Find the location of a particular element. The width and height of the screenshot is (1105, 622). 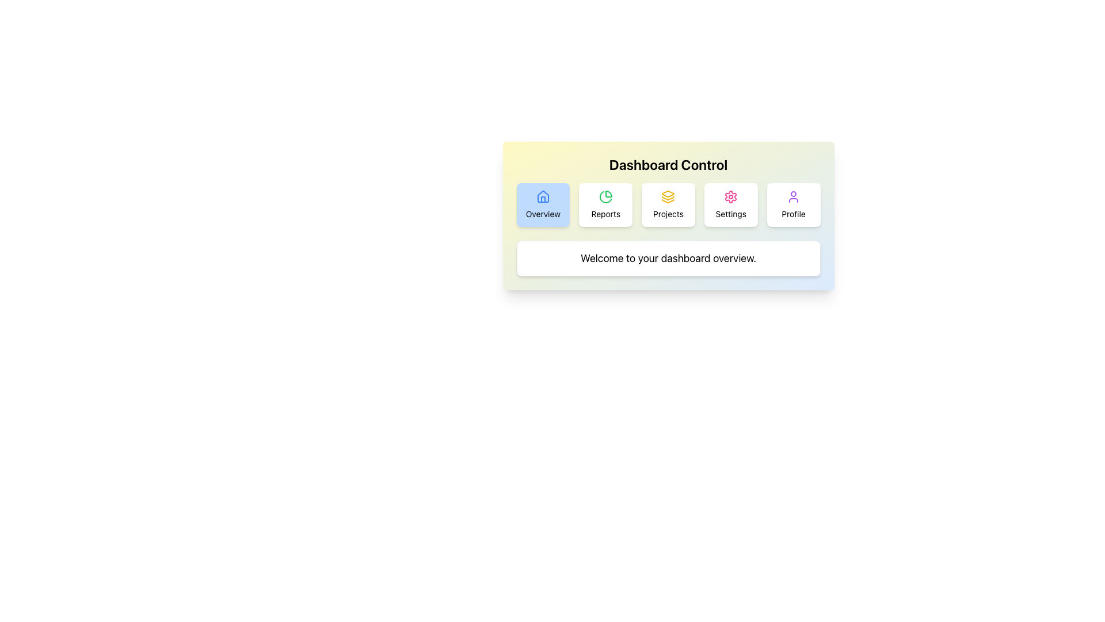

the Navigation Button that provides access to the 'Projects' section is located at coordinates (668, 204).